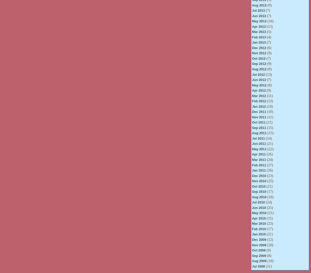 Image resolution: width=311 pixels, height=273 pixels. Describe the element at coordinates (259, 85) in the screenshot. I see `'May 2012'` at that location.